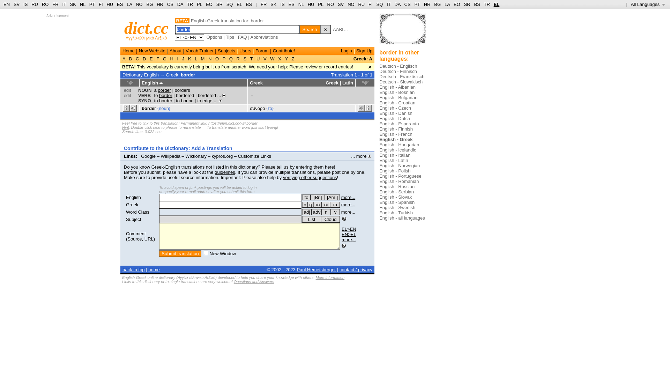 The width and height of the screenshot is (670, 377). Describe the element at coordinates (332, 82) in the screenshot. I see `'Greek'` at that location.